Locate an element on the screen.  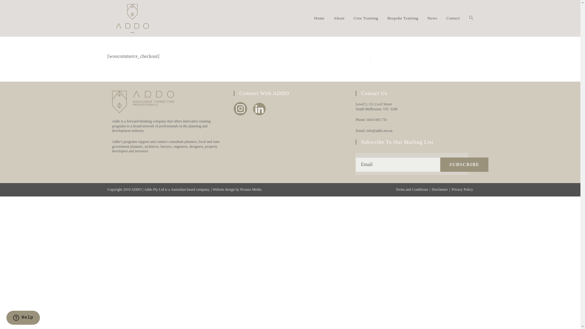
'Contact' is located at coordinates (441, 18).